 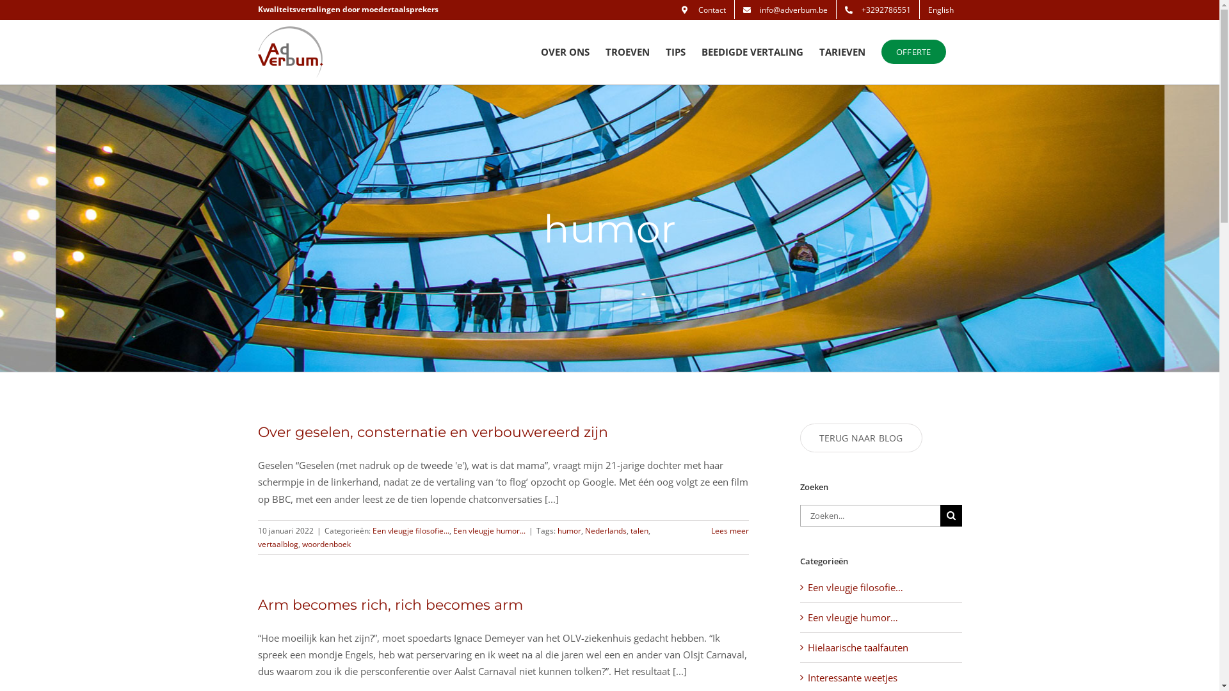 I want to click on 'TERUG NAAR BLOG', so click(x=861, y=437).